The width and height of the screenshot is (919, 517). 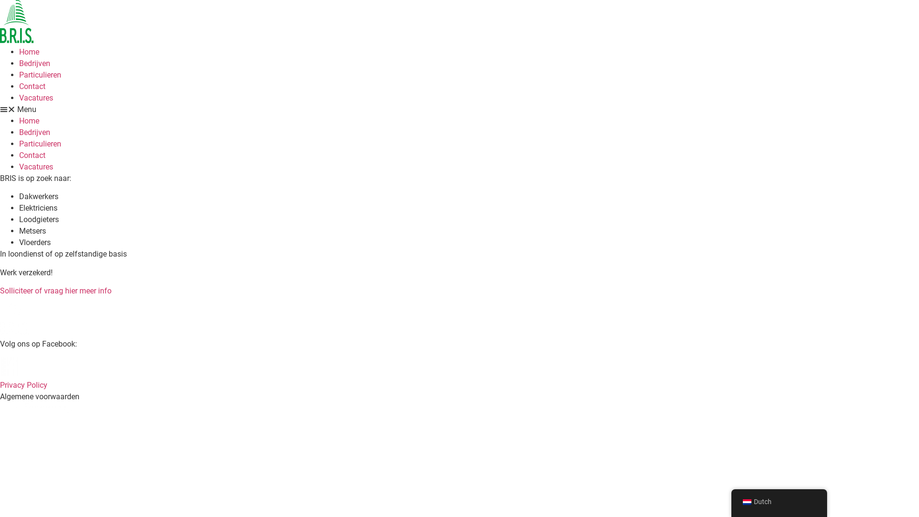 What do you see at coordinates (32, 86) in the screenshot?
I see `'Contact'` at bounding box center [32, 86].